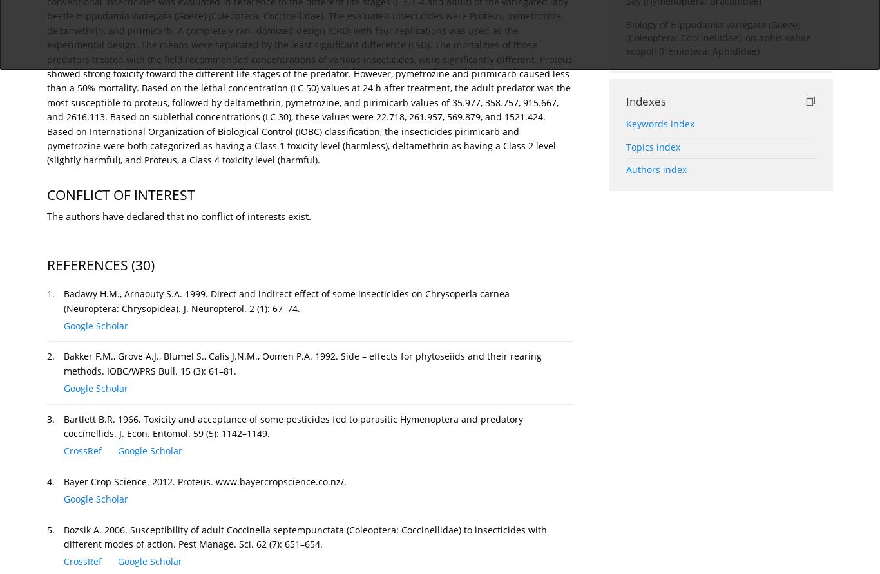  What do you see at coordinates (50, 356) in the screenshot?
I see `'2.'` at bounding box center [50, 356].